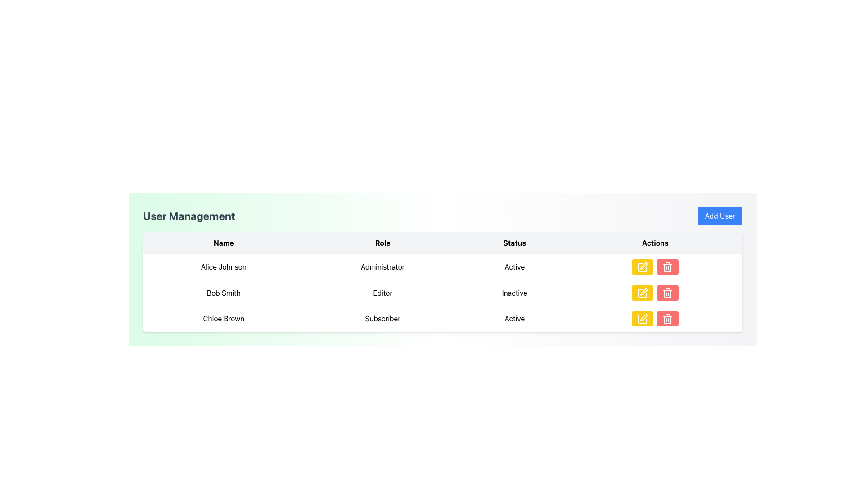  Describe the element at coordinates (668, 293) in the screenshot. I see `the trash can icon button, which is a red circular icon with a minimalistic trash can design, located in the second row of the 'Actions' column of the table, to initiate a delete operation` at that location.